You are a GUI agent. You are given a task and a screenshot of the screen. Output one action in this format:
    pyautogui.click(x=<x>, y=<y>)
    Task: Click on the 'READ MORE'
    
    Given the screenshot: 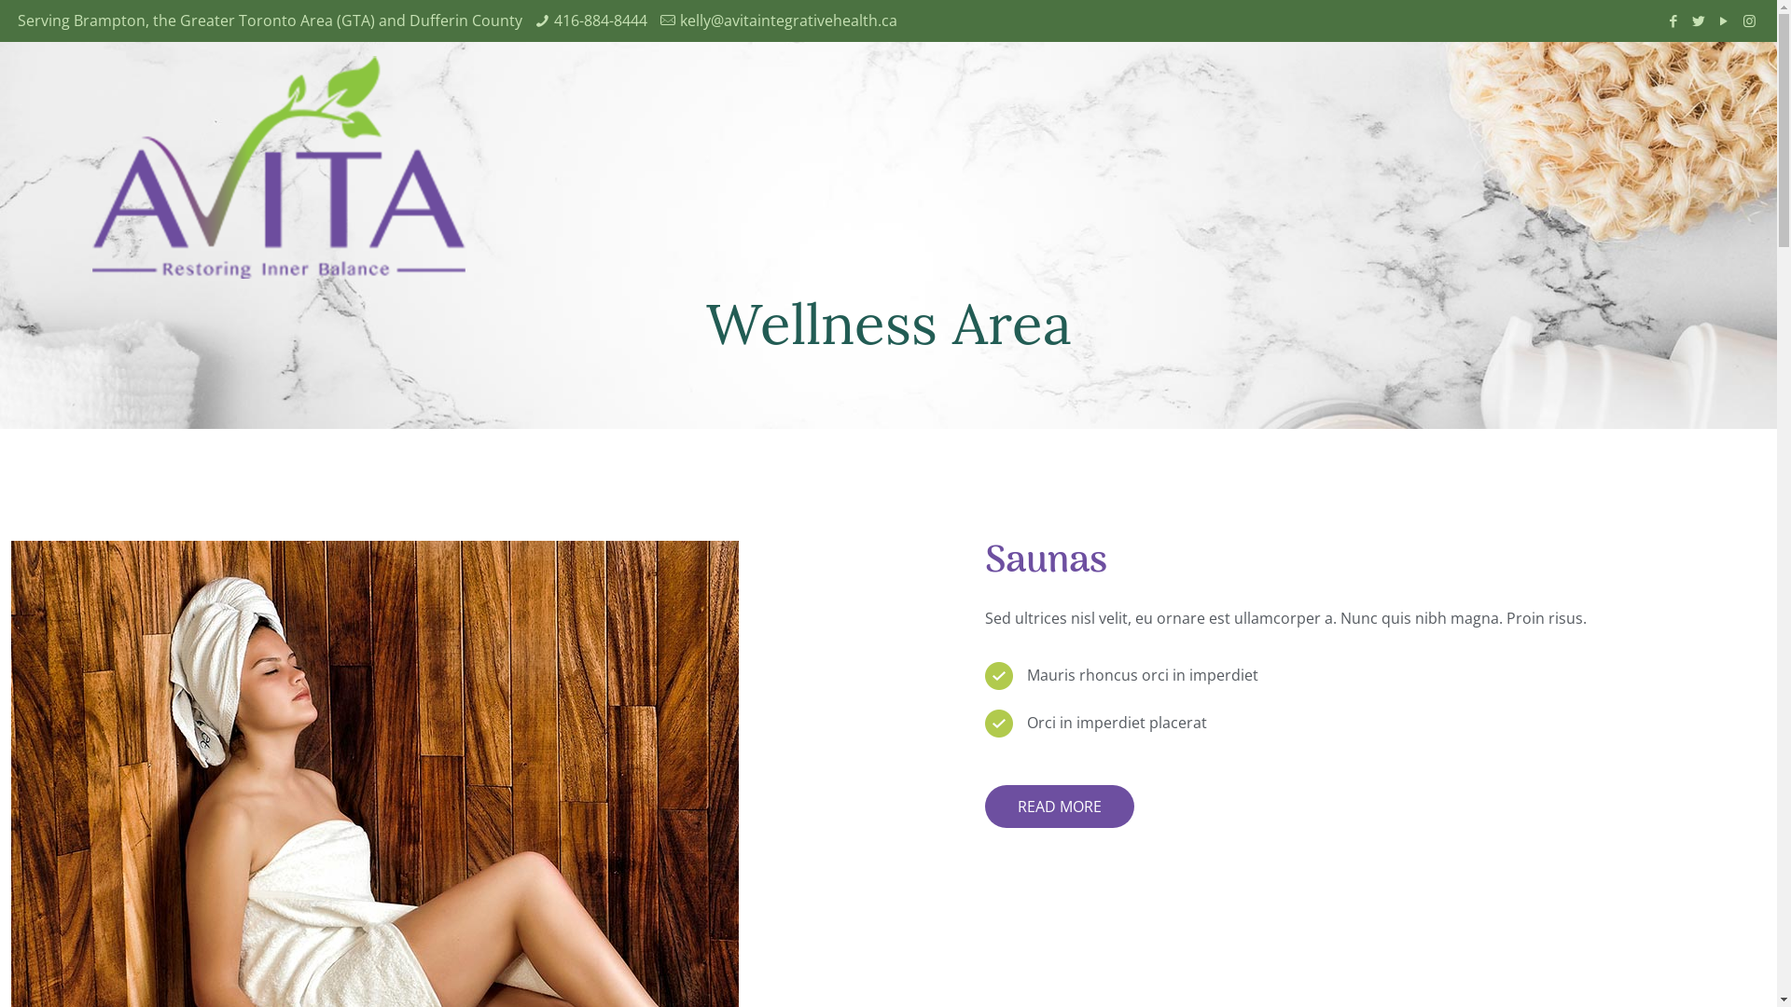 What is the action you would take?
    pyautogui.click(x=1060, y=805)
    